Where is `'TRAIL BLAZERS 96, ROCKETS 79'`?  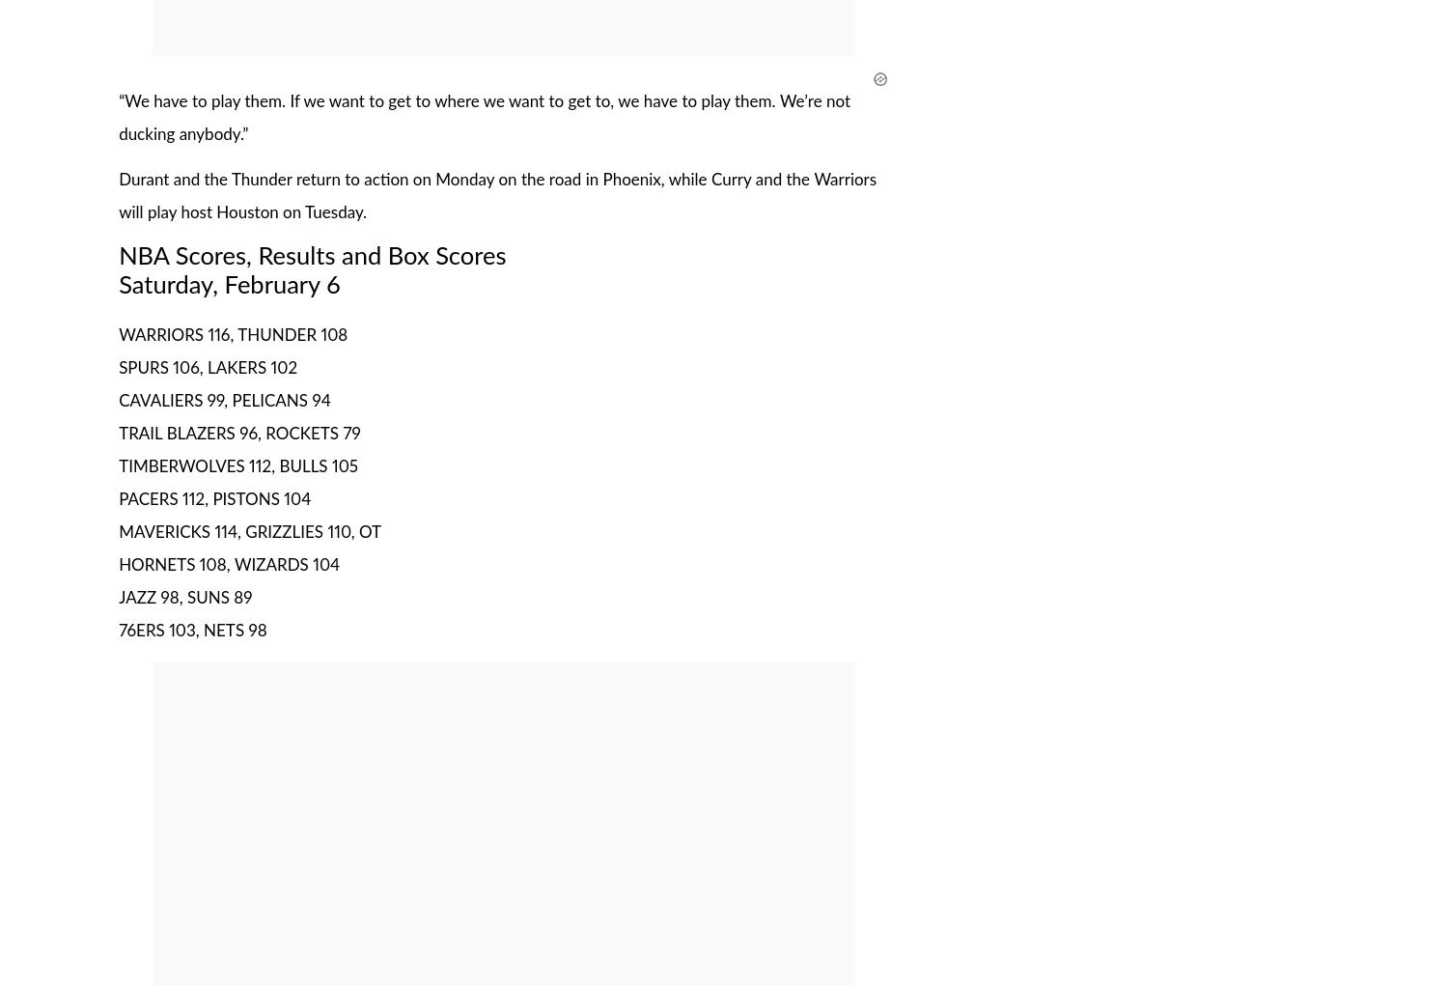
'TRAIL BLAZERS 96, ROCKETS 79' is located at coordinates (237, 433).